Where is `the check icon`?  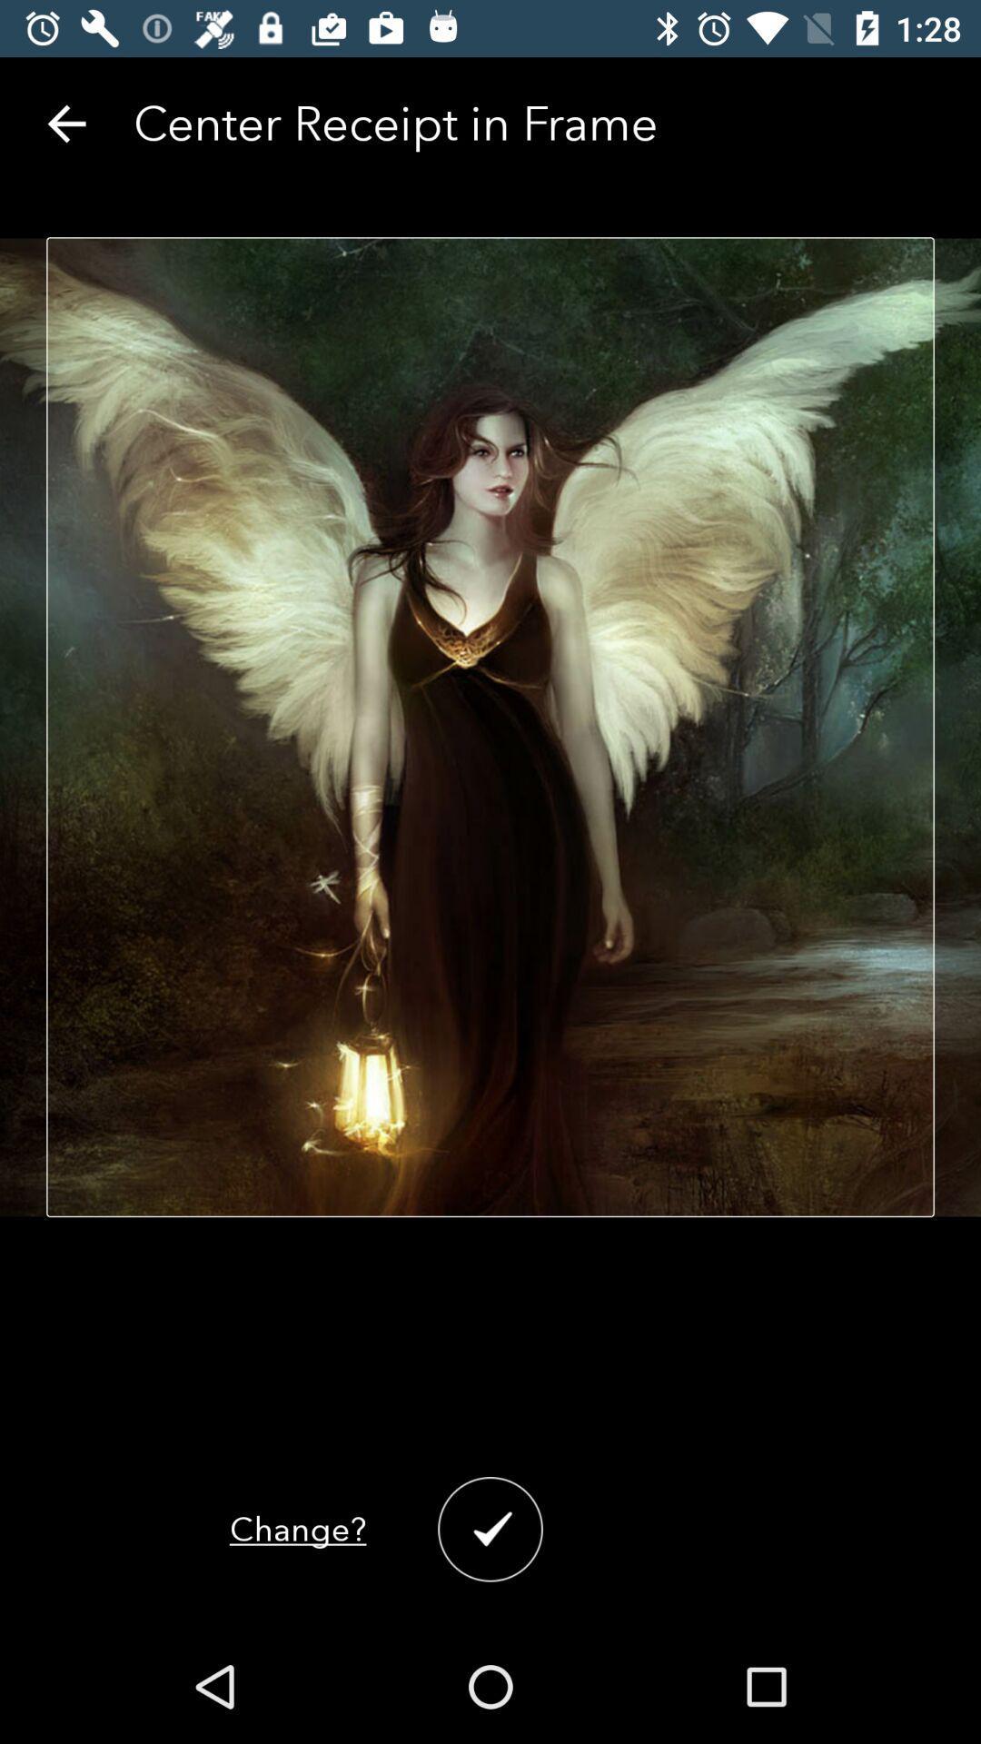 the check icon is located at coordinates (490, 1528).